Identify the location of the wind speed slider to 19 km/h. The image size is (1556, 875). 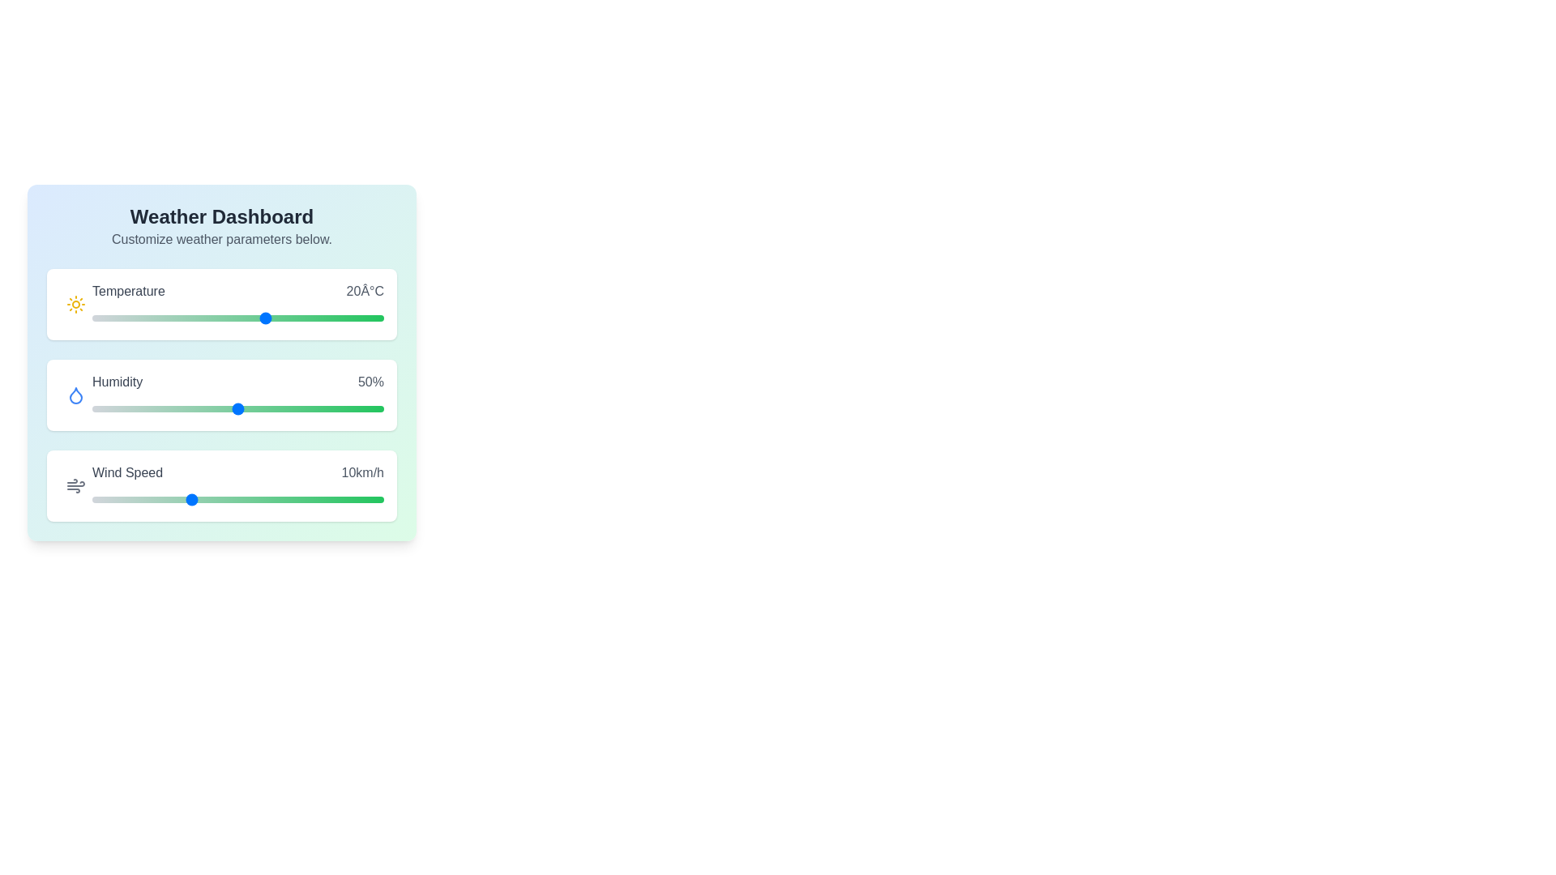
(276, 499).